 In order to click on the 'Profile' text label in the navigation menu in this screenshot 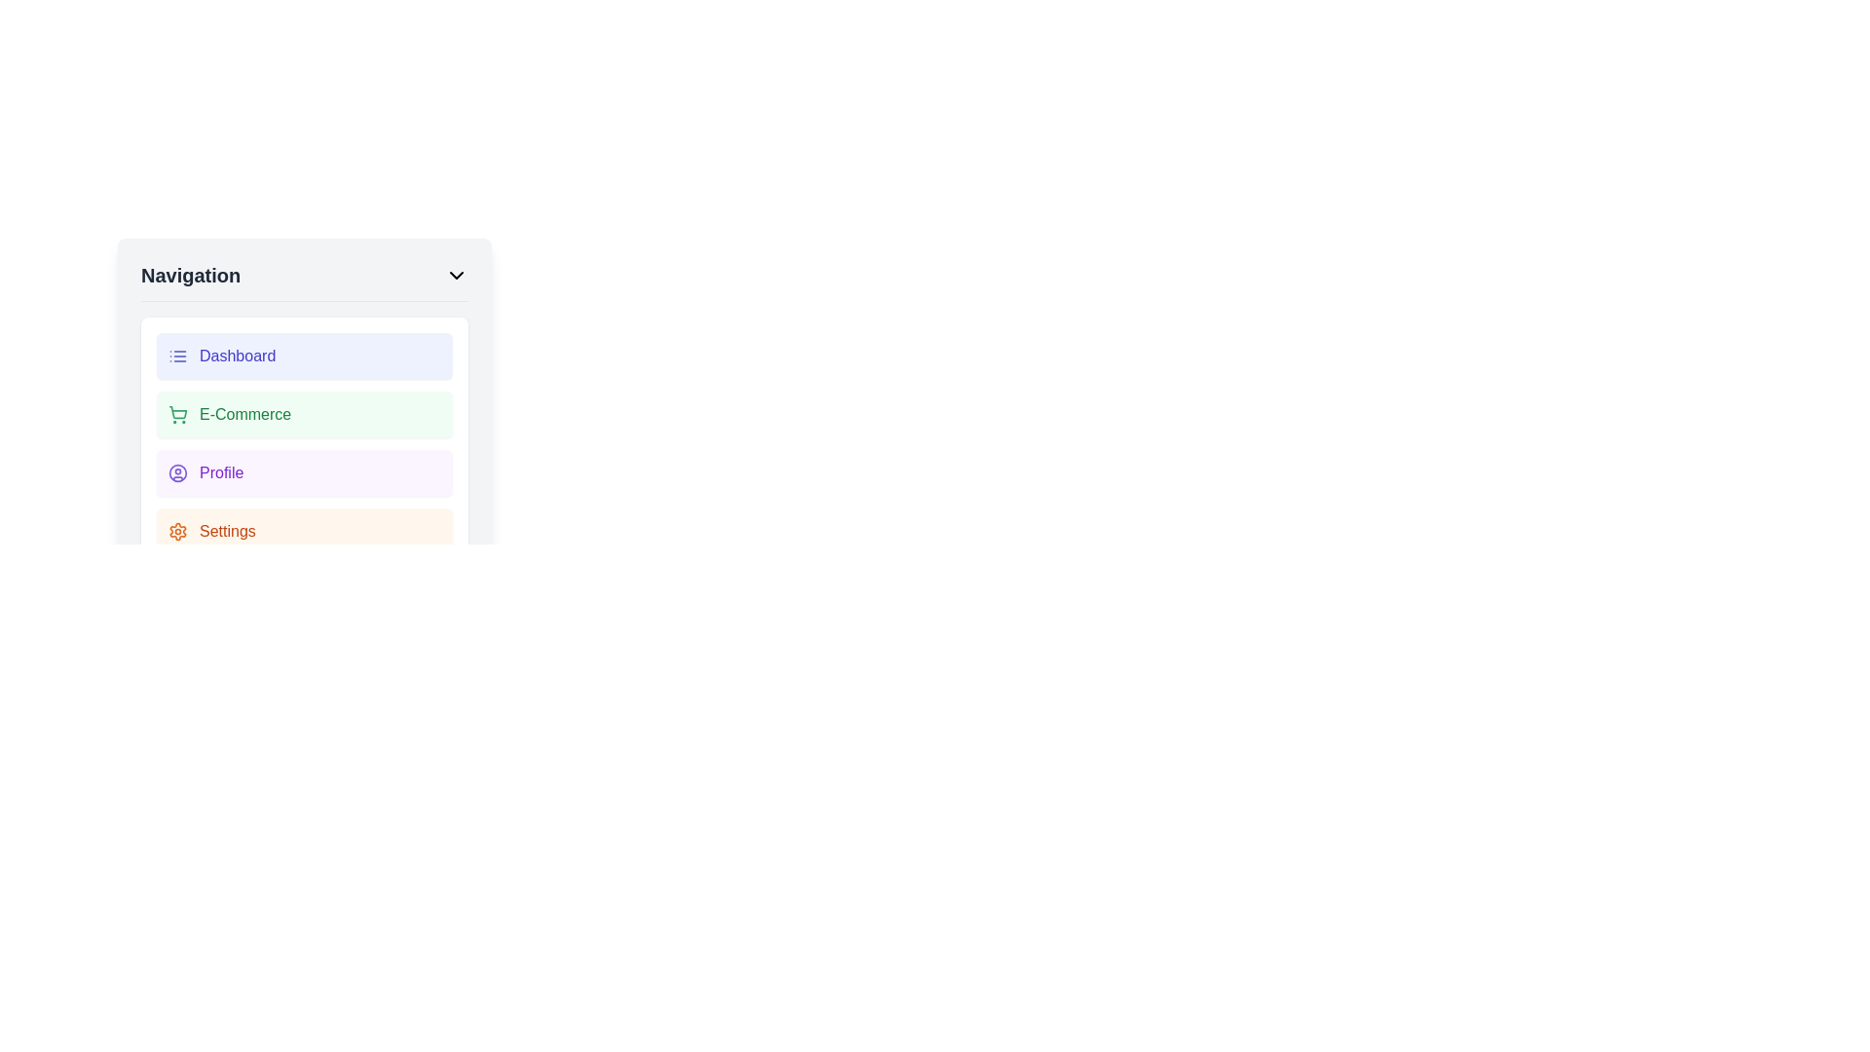, I will do `click(221, 473)`.